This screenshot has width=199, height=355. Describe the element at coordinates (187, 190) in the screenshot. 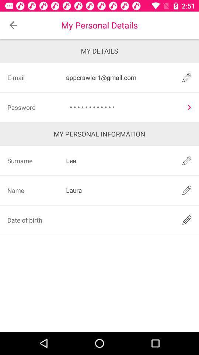

I see `the edit icon` at that location.